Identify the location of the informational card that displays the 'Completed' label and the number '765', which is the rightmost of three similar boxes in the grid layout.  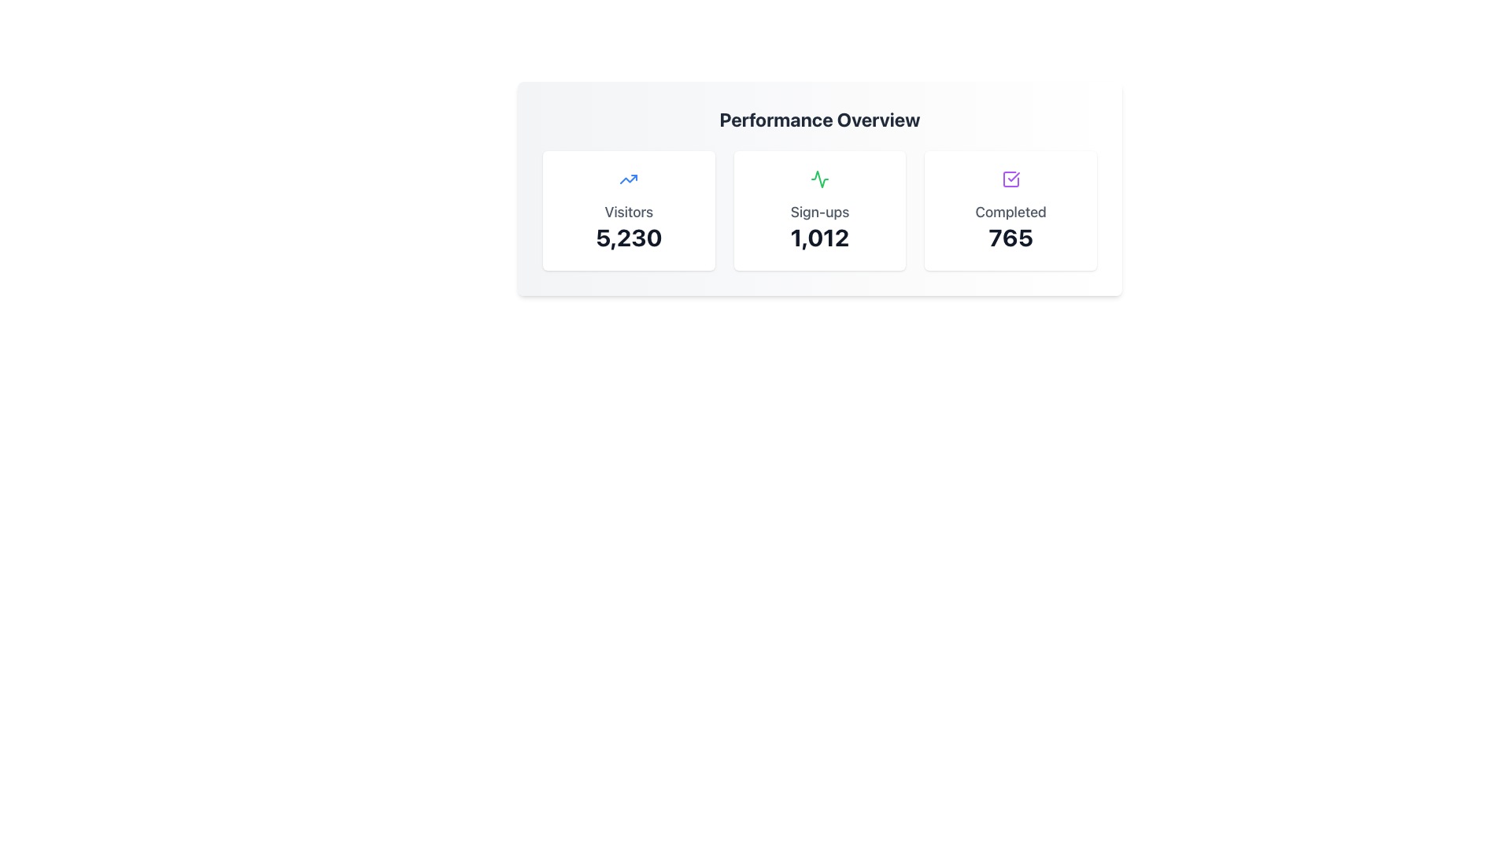
(1010, 209).